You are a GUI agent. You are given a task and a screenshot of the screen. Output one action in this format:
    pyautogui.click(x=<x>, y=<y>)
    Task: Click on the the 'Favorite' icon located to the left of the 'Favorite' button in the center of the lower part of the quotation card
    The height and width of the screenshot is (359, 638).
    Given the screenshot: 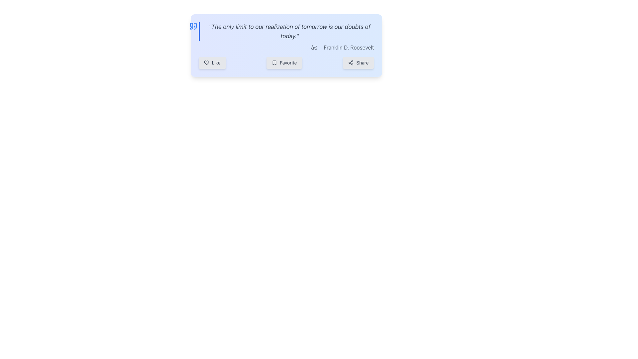 What is the action you would take?
    pyautogui.click(x=274, y=63)
    